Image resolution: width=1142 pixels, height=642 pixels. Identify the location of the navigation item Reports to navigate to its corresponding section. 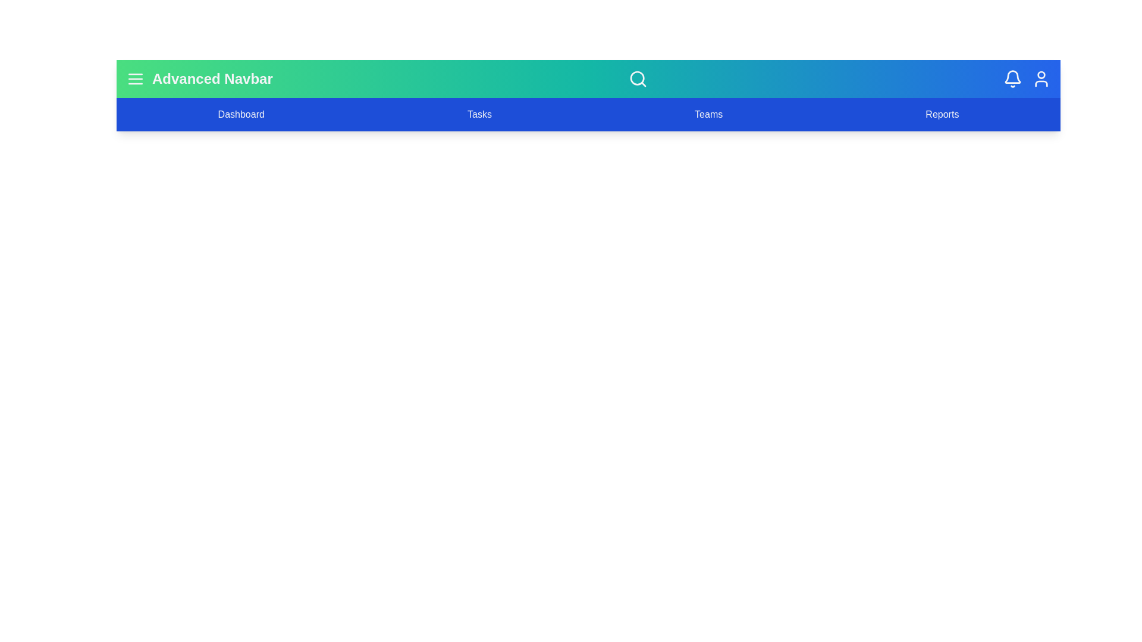
(942, 114).